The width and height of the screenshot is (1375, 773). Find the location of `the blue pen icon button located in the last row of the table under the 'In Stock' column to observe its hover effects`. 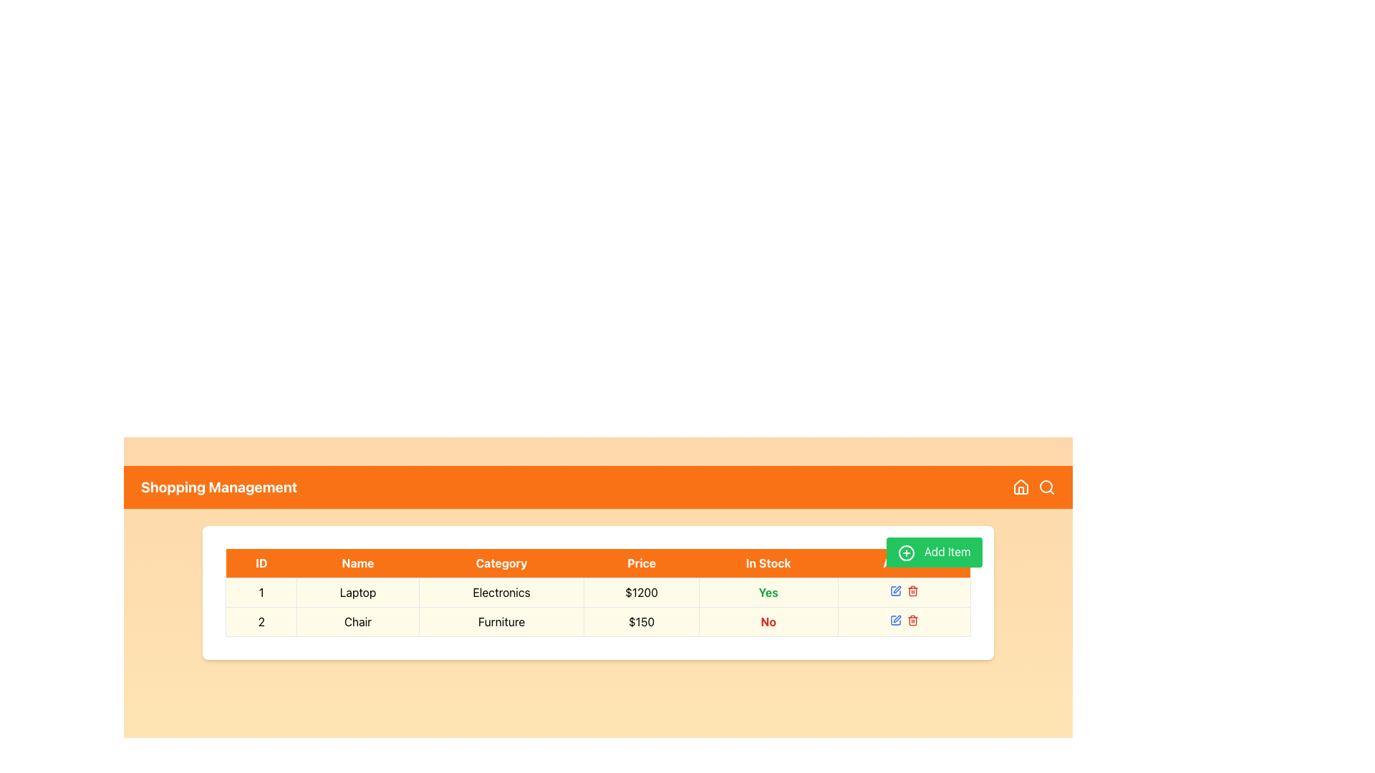

the blue pen icon button located in the last row of the table under the 'In Stock' column to observe its hover effects is located at coordinates (894, 620).